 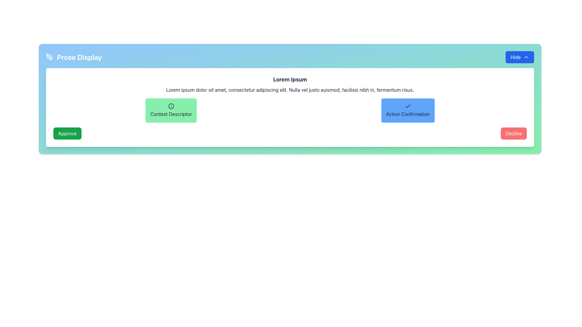 What do you see at coordinates (526, 57) in the screenshot?
I see `the toggle icon located at the right end of the 'Hide' button in the top-right corner of the interface` at bounding box center [526, 57].